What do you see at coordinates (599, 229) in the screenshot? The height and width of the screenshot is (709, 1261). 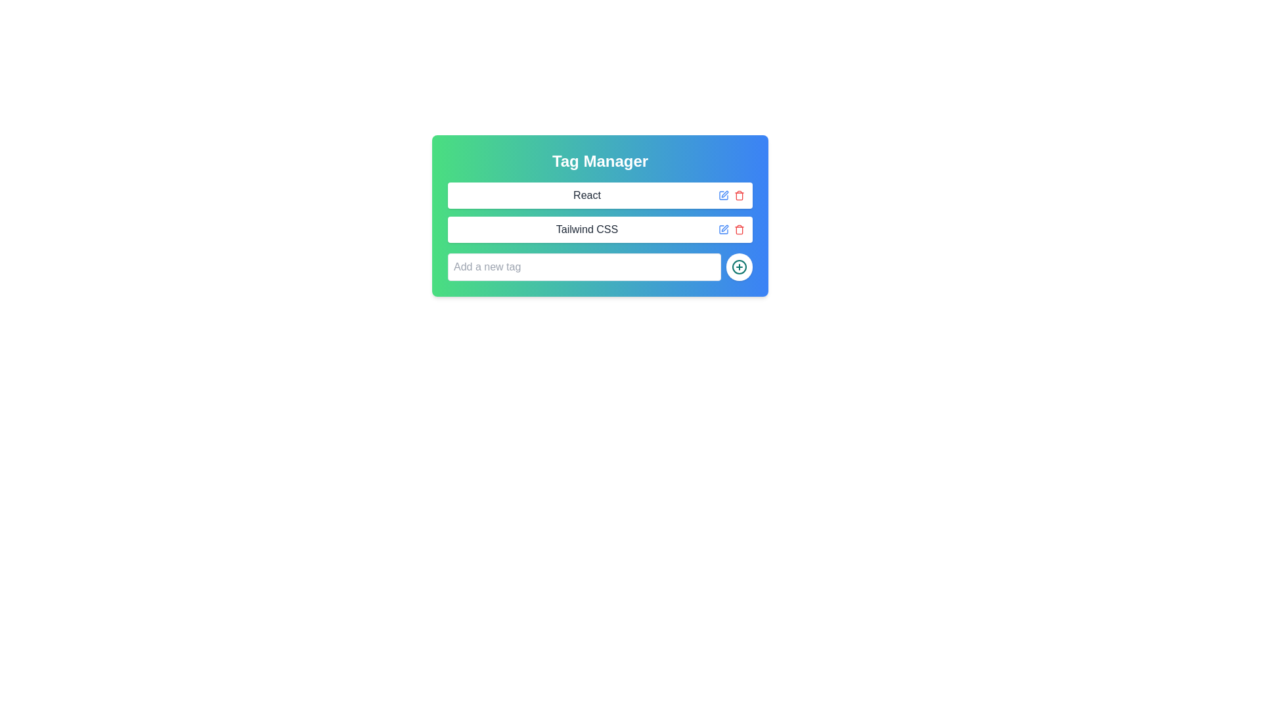 I see `displayed text of the tag entry labeled 'Tailwind CSS' located in the second position of the vertically stacked list within the card-like interface` at bounding box center [599, 229].